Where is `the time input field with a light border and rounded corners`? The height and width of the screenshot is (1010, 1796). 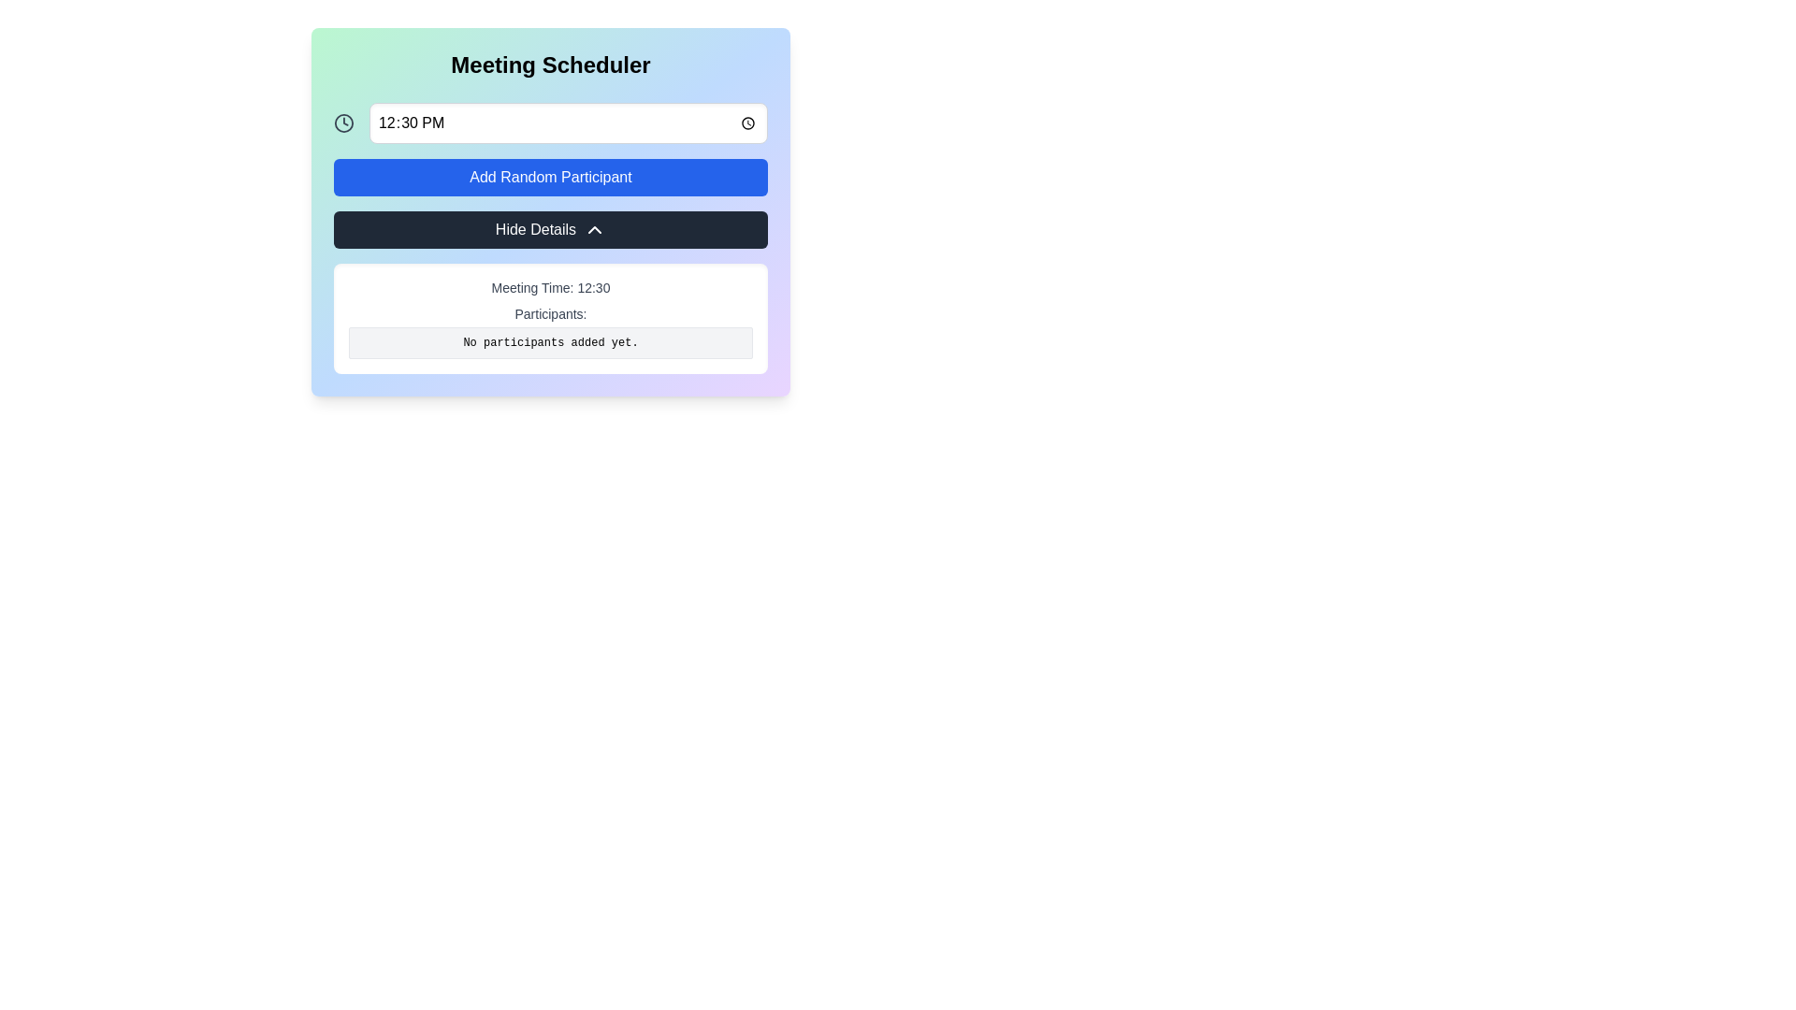 the time input field with a light border and rounded corners is located at coordinates (550, 123).